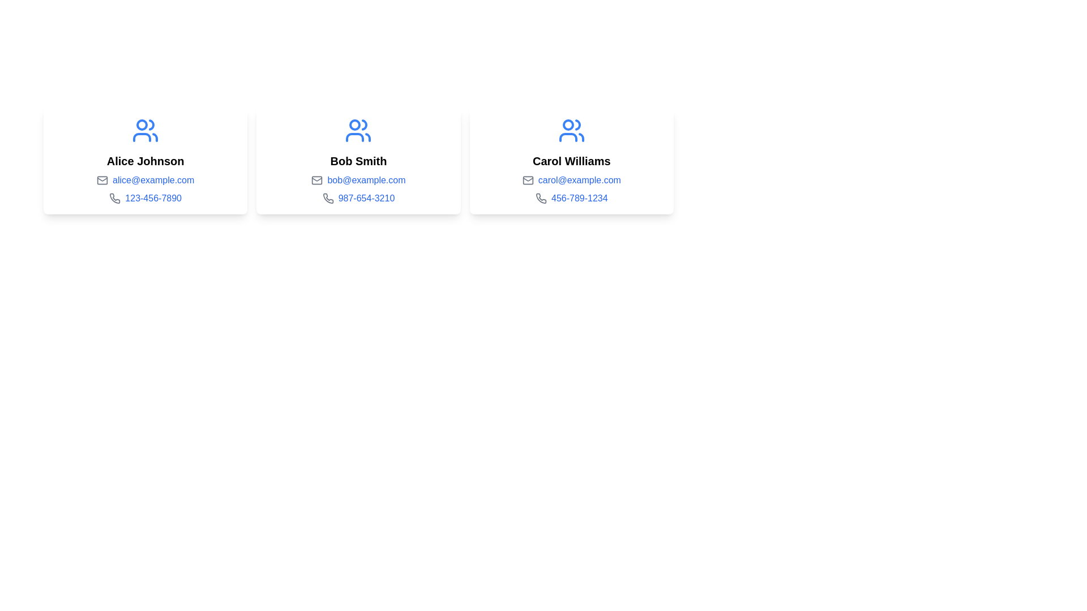 The height and width of the screenshot is (611, 1087). Describe the element at coordinates (358, 161) in the screenshot. I see `the label displaying 'Bob Smith', which serves as a heading in the second card of three horizontally aligned cards` at that location.